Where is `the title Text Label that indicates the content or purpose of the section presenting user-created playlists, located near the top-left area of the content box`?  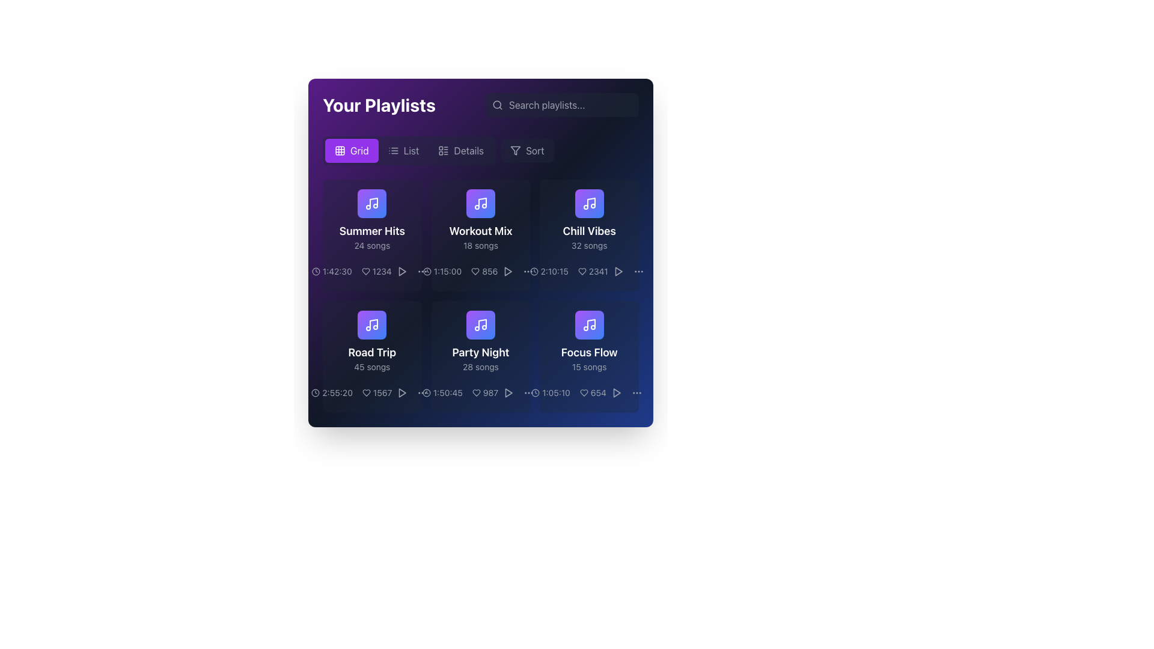
the title Text Label that indicates the content or purpose of the section presenting user-created playlists, located near the top-left area of the content box is located at coordinates (378, 104).